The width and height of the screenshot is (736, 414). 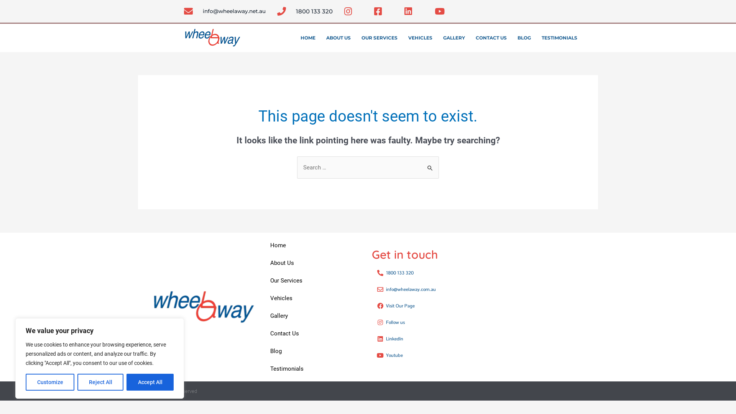 I want to click on 'Dribbble', so click(x=534, y=391).